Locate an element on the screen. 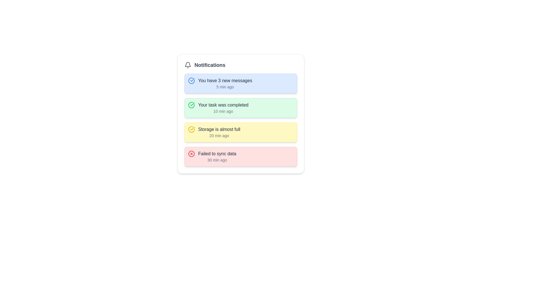  the circular icon outlined in red with a white background, located at the left edge of the fourth notification card in the notifications panel is located at coordinates (191, 154).